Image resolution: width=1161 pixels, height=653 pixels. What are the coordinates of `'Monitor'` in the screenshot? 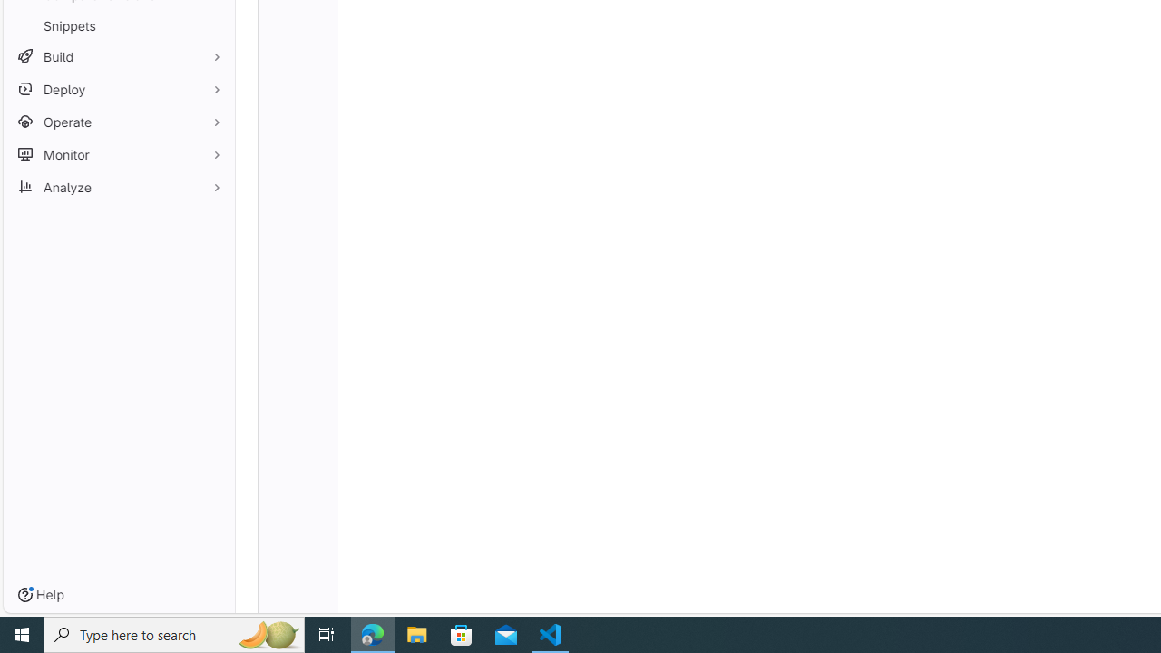 It's located at (118, 153).